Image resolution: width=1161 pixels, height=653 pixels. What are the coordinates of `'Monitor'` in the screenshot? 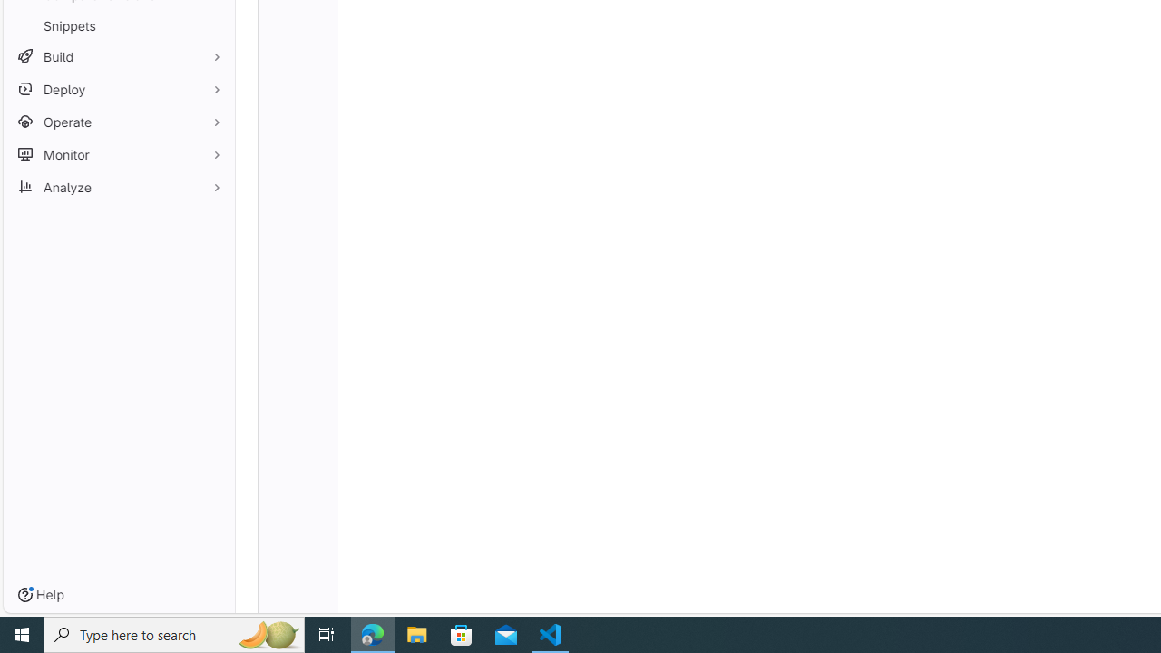 It's located at (118, 153).